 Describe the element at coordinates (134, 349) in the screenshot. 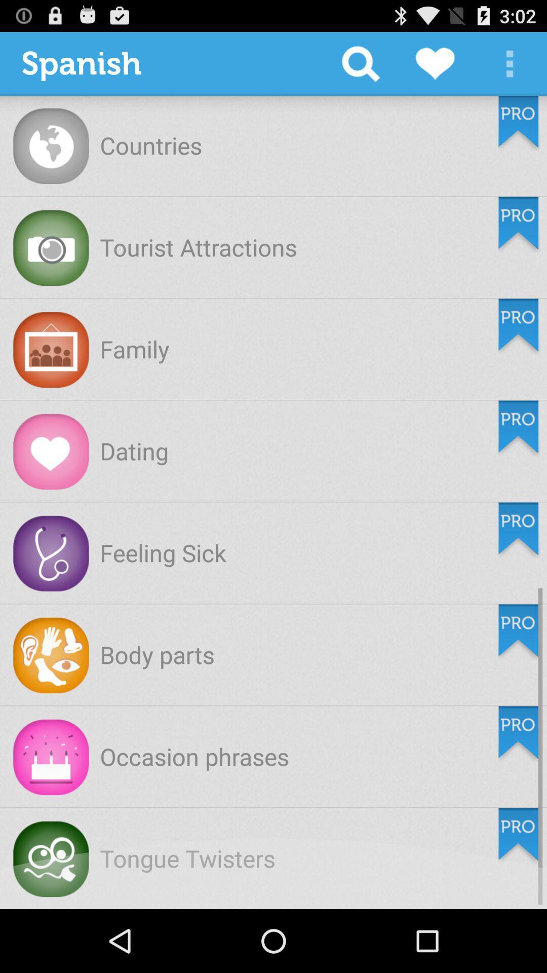

I see `family item` at that location.